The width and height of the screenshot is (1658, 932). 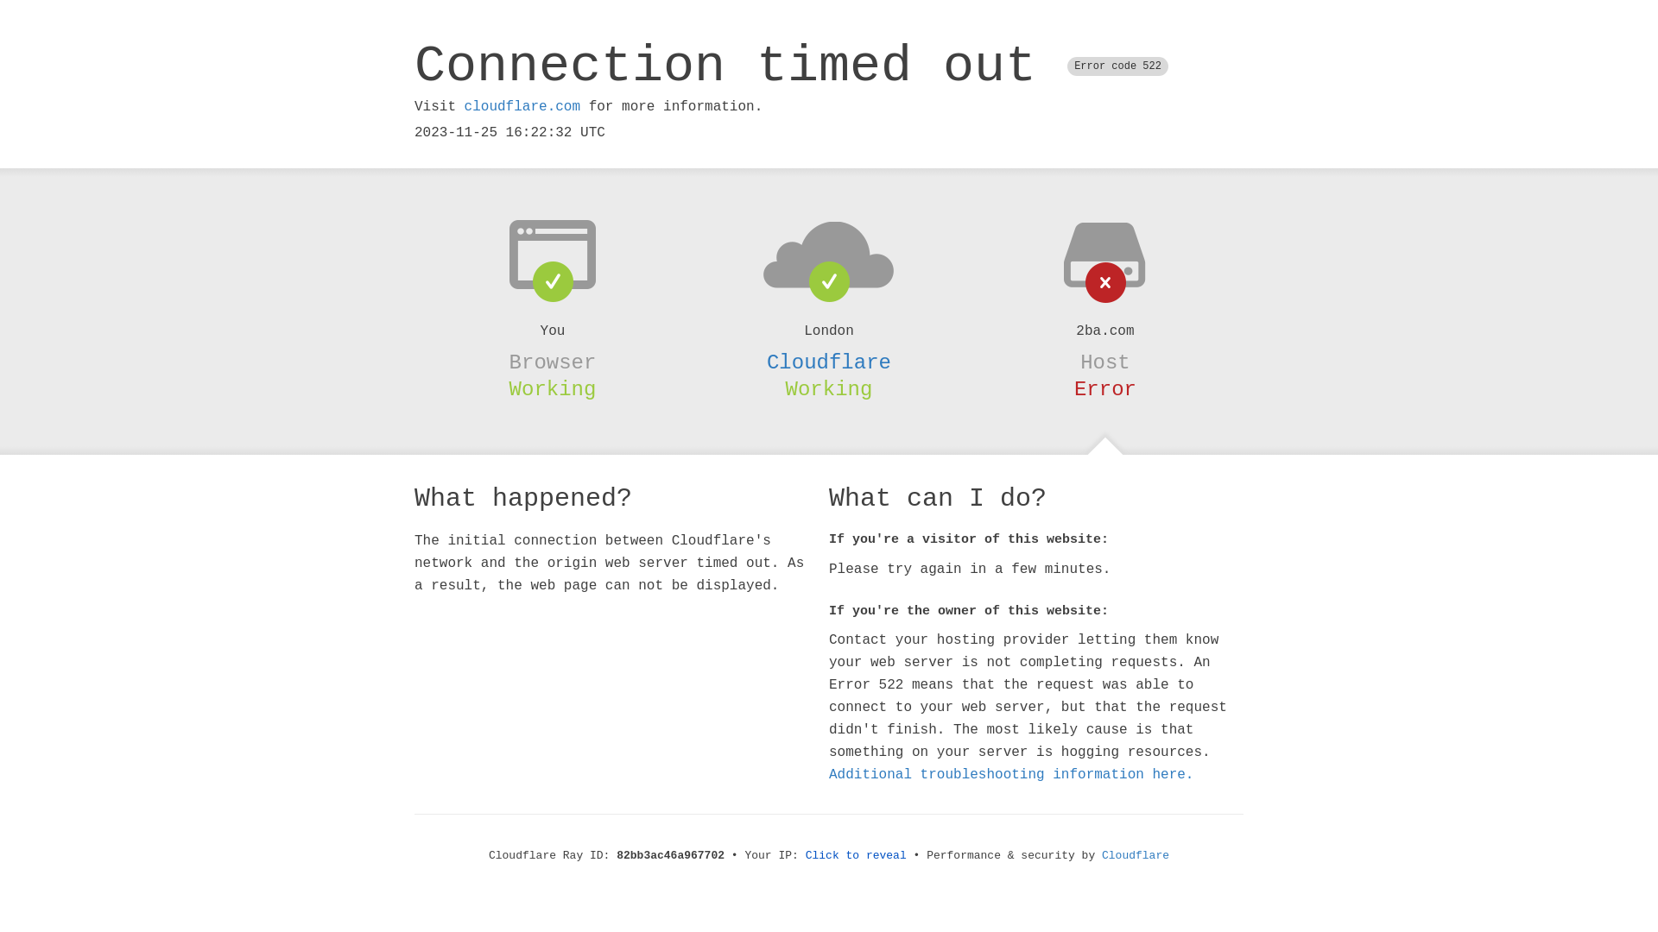 What do you see at coordinates (1136, 855) in the screenshot?
I see `'Cloudflare'` at bounding box center [1136, 855].